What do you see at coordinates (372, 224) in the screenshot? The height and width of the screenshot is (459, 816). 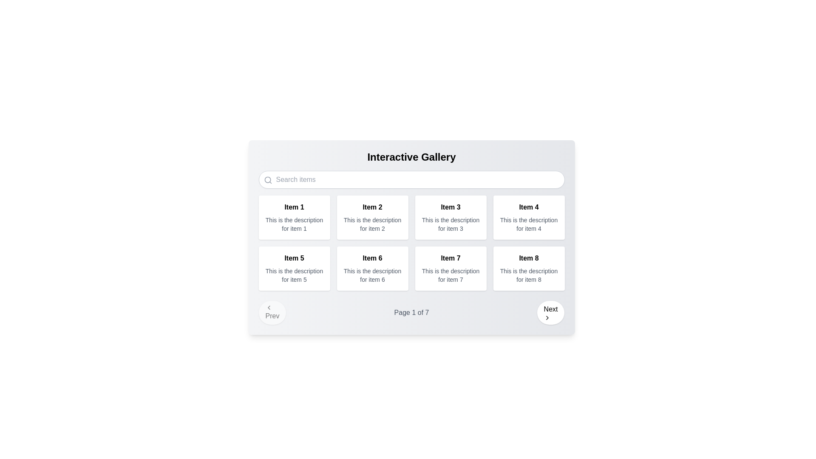 I see `the text element reading 'This is the description for item 2', which is positioned below the bold title 'Item 2' in the second item of the grid layout` at bounding box center [372, 224].